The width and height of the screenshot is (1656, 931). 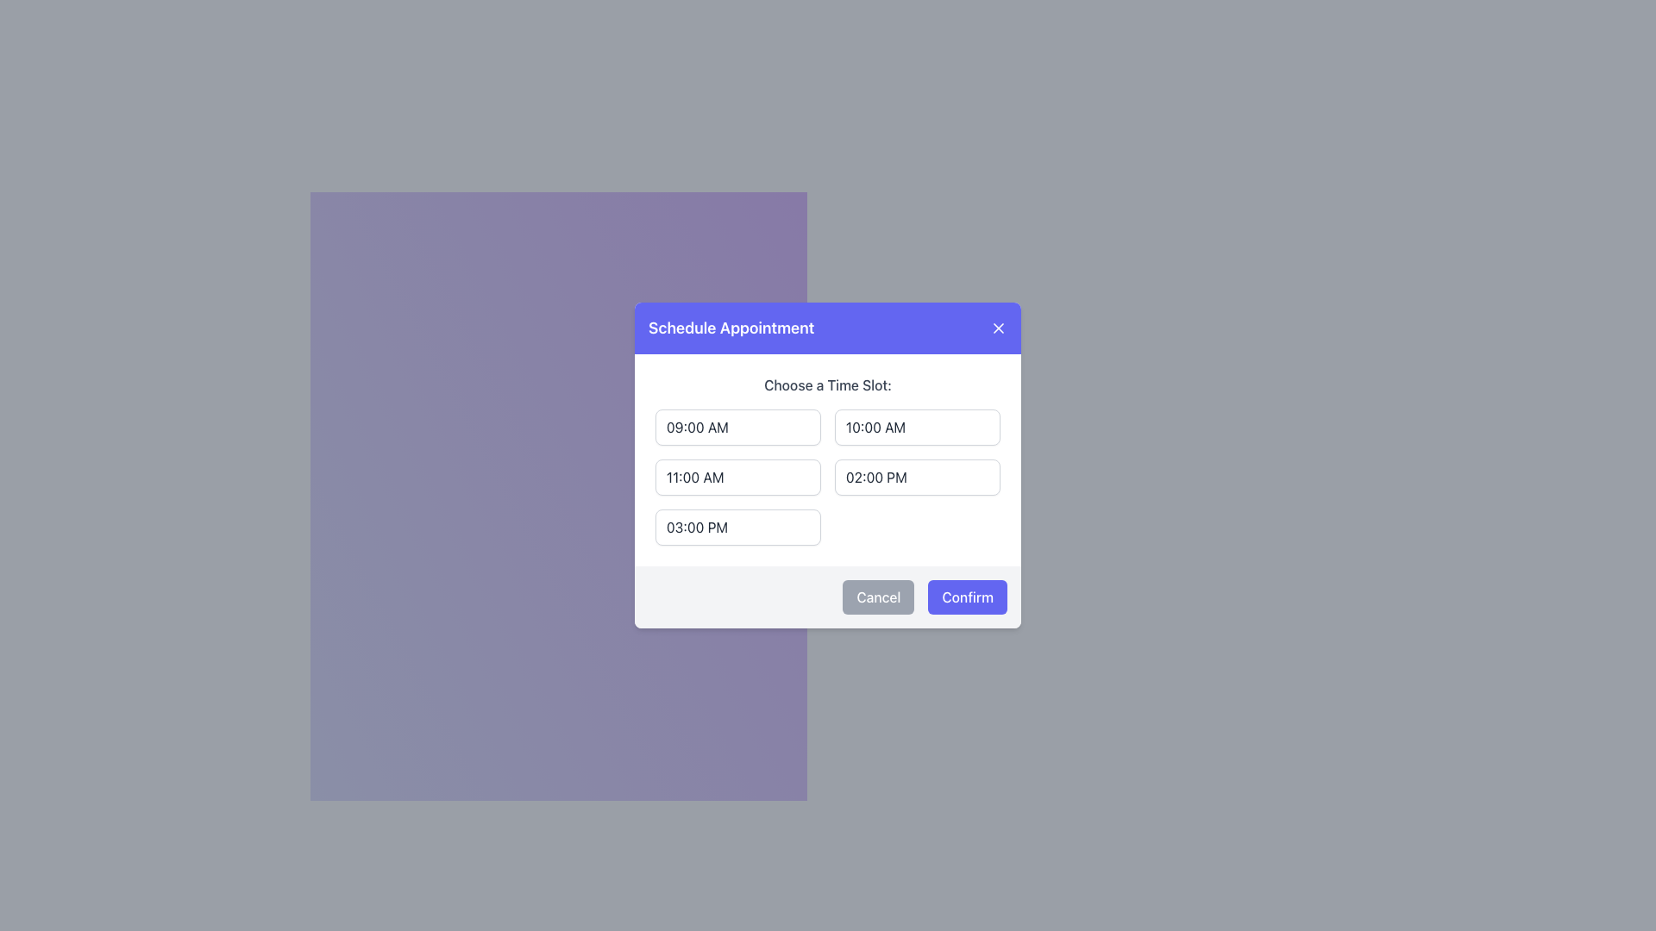 I want to click on the '02:00 PM' selectable time slot button in the scheduling interface, so click(x=917, y=478).